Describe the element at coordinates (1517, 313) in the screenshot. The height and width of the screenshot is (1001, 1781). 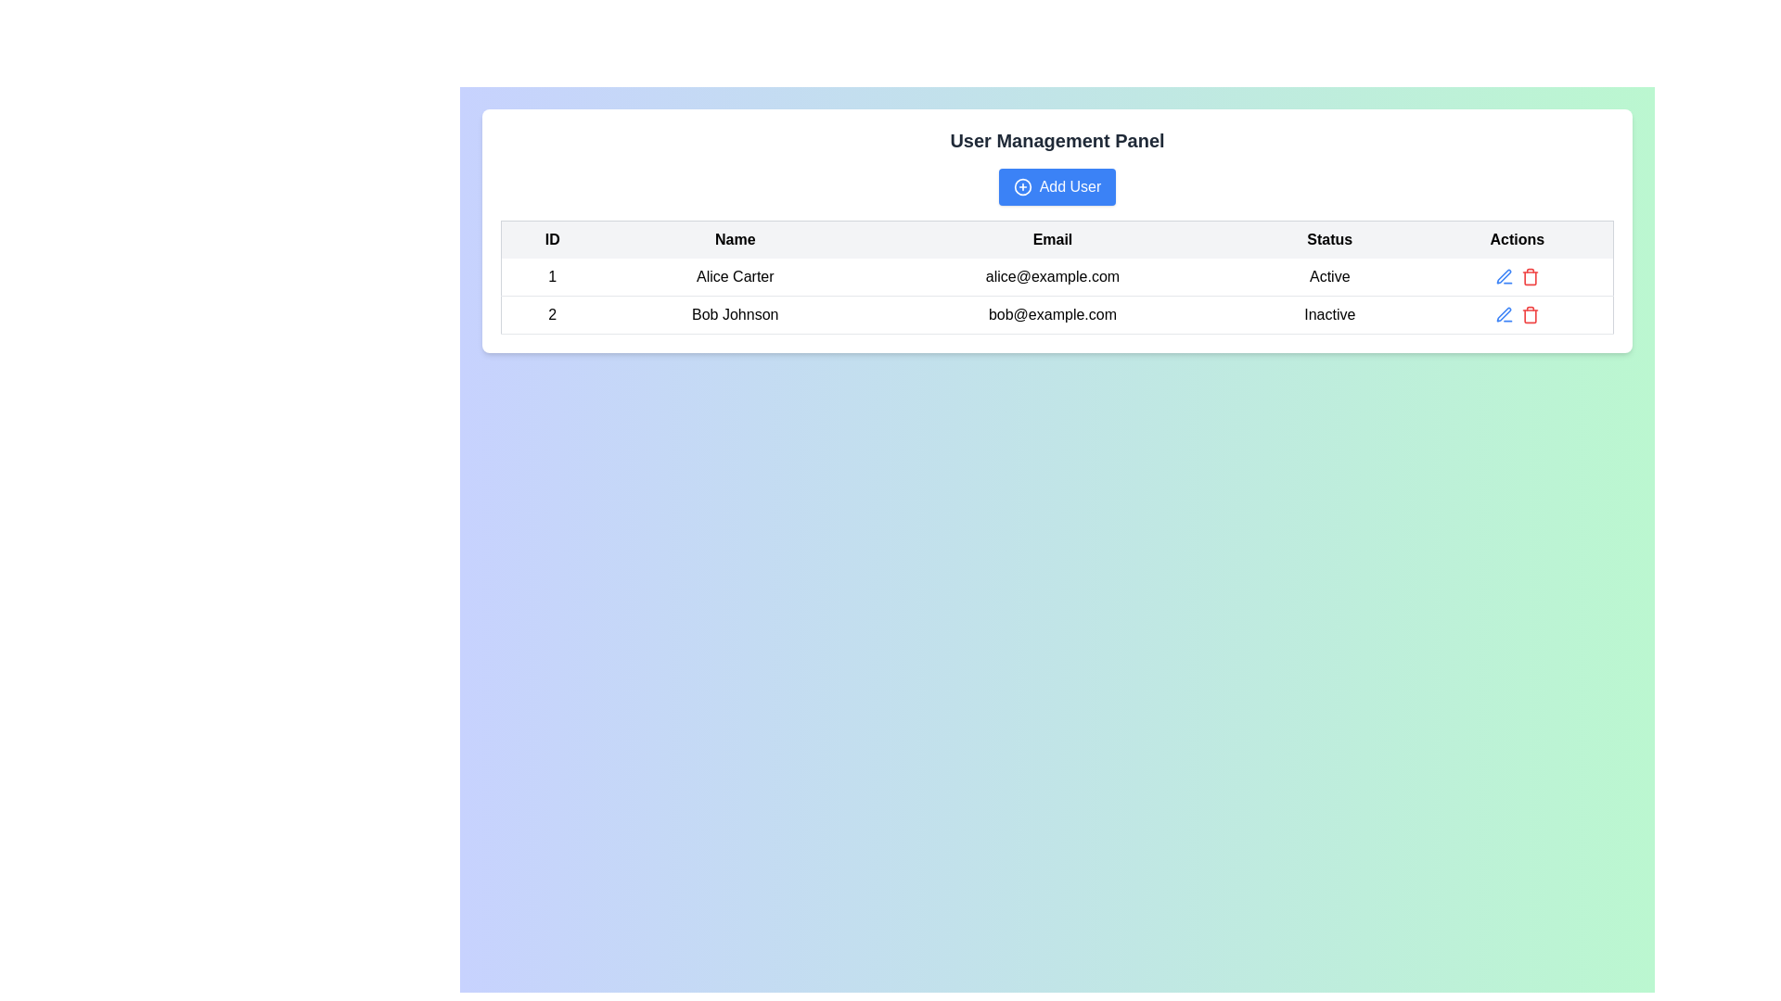
I see `the delete button located in the Action button group of the second row in the table layout` at that location.